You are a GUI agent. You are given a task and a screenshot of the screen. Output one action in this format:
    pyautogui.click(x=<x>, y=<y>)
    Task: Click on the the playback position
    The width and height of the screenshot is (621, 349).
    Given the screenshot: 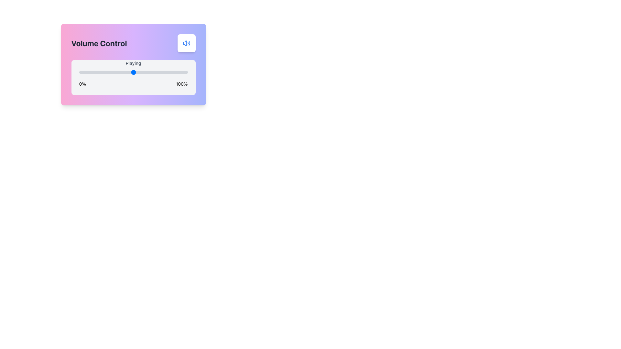 What is the action you would take?
    pyautogui.click(x=125, y=72)
    